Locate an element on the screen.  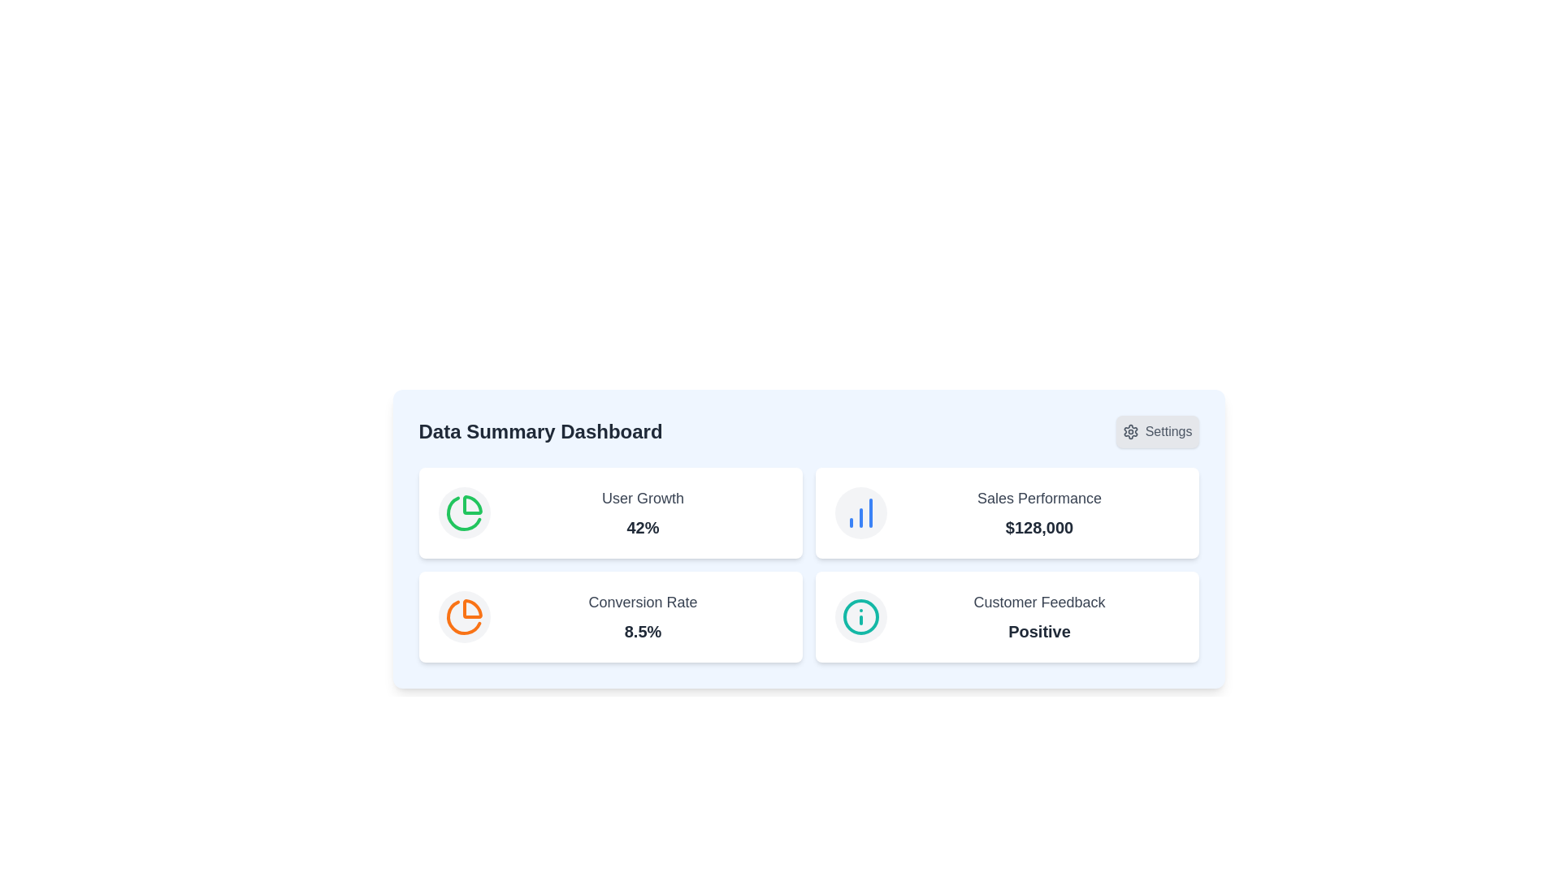
the green segment of the pie chart representing user growth, located at the upper left corner of the card is located at coordinates (462, 513).